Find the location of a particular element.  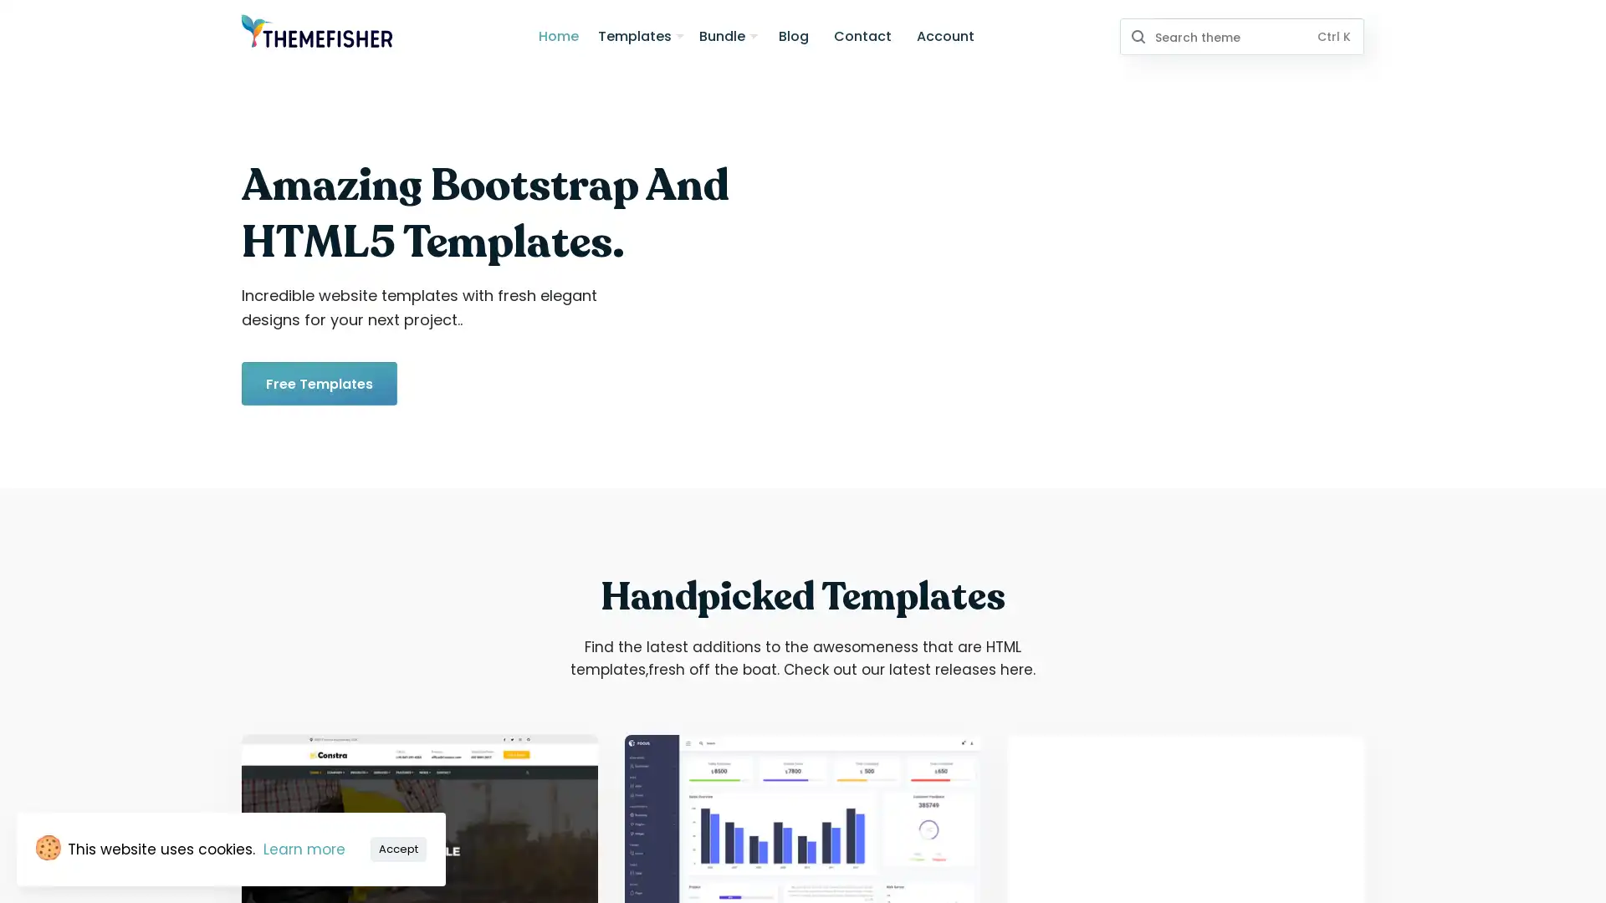

Accept cookies is located at coordinates (397, 848).